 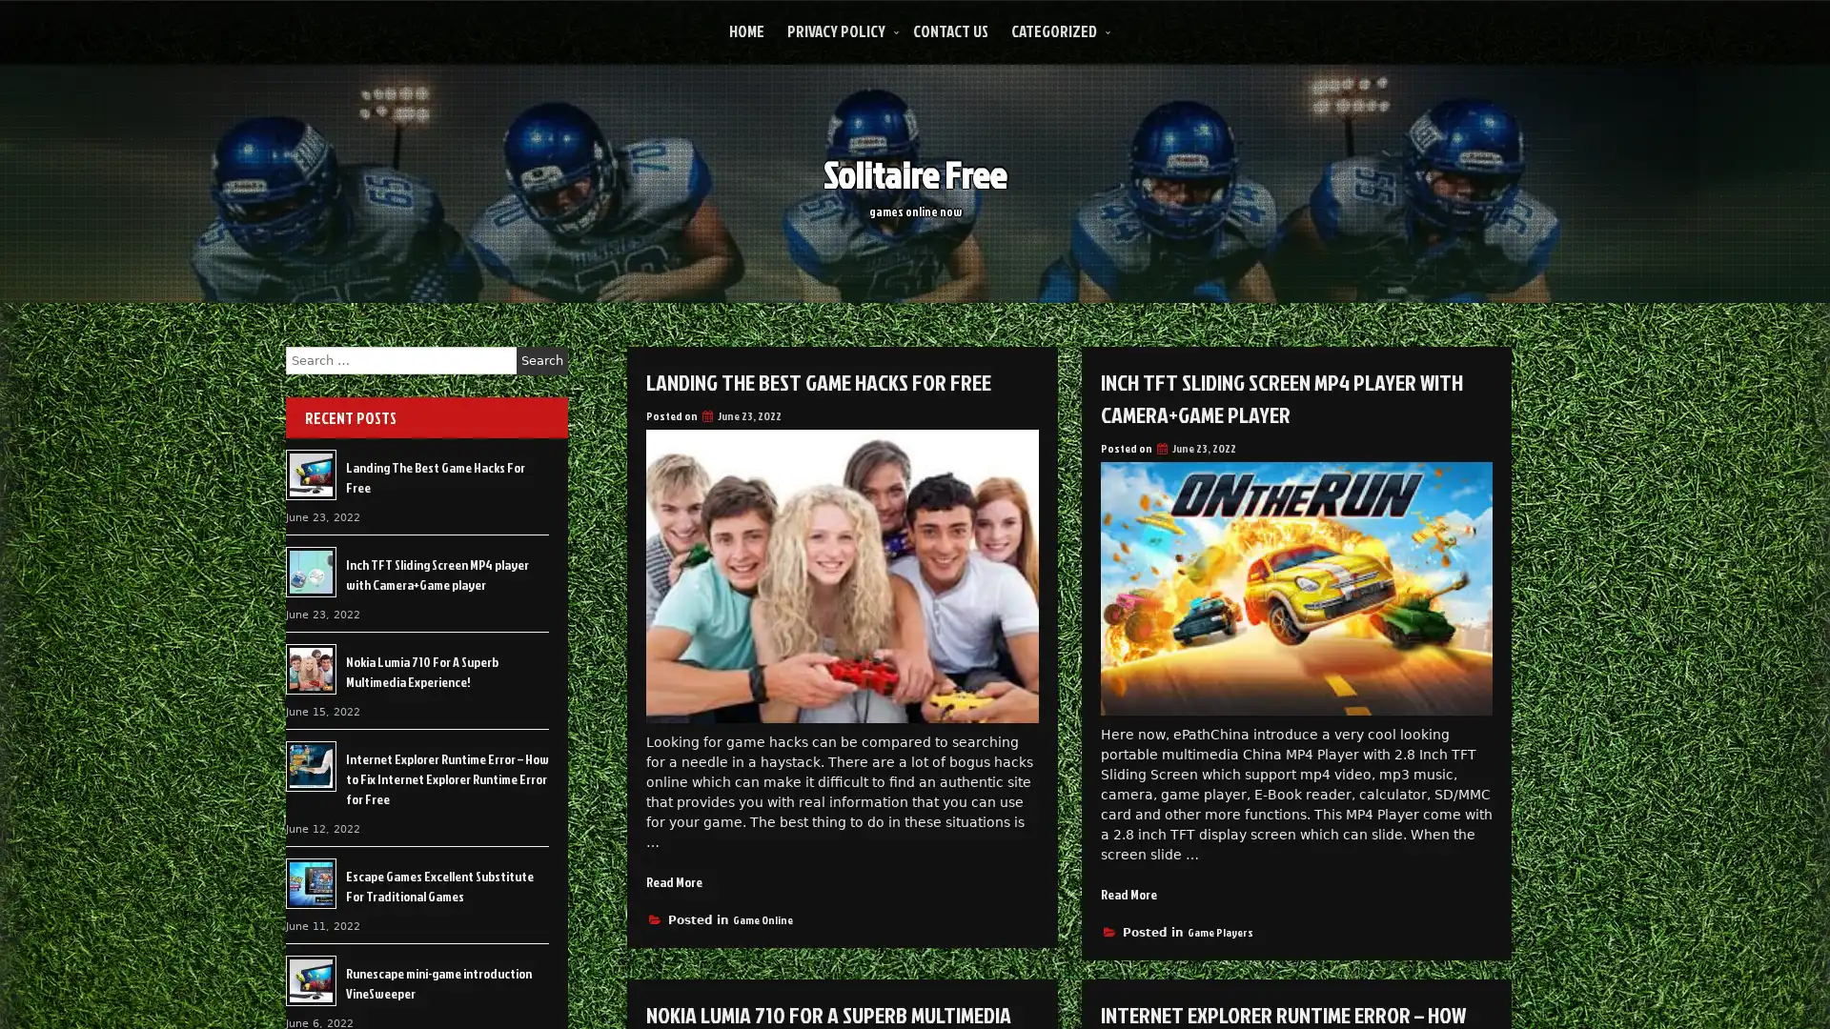 What do you see at coordinates (541, 360) in the screenshot?
I see `Search` at bounding box center [541, 360].